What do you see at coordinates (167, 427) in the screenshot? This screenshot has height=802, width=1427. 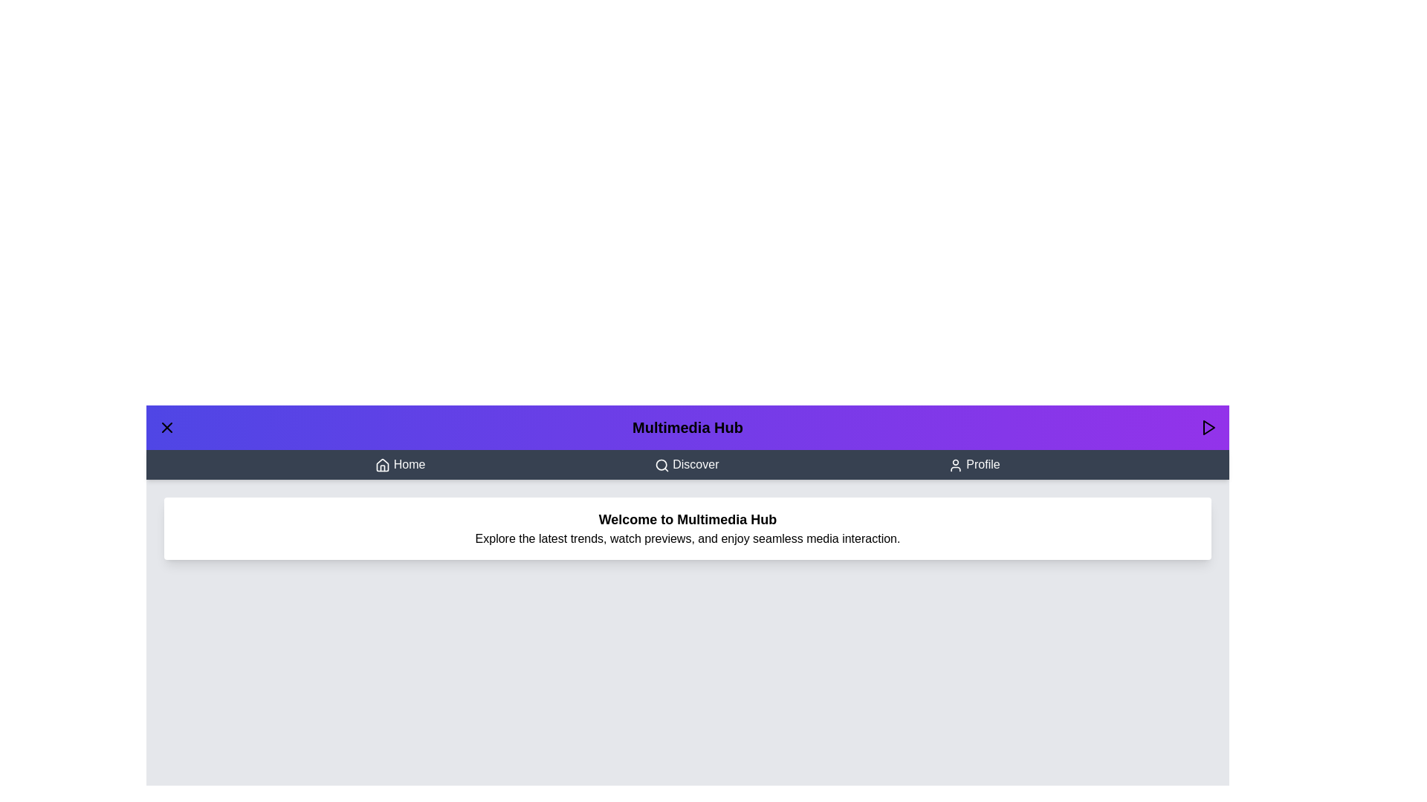 I see `the menu toggle button to toggle the menu open or close` at bounding box center [167, 427].